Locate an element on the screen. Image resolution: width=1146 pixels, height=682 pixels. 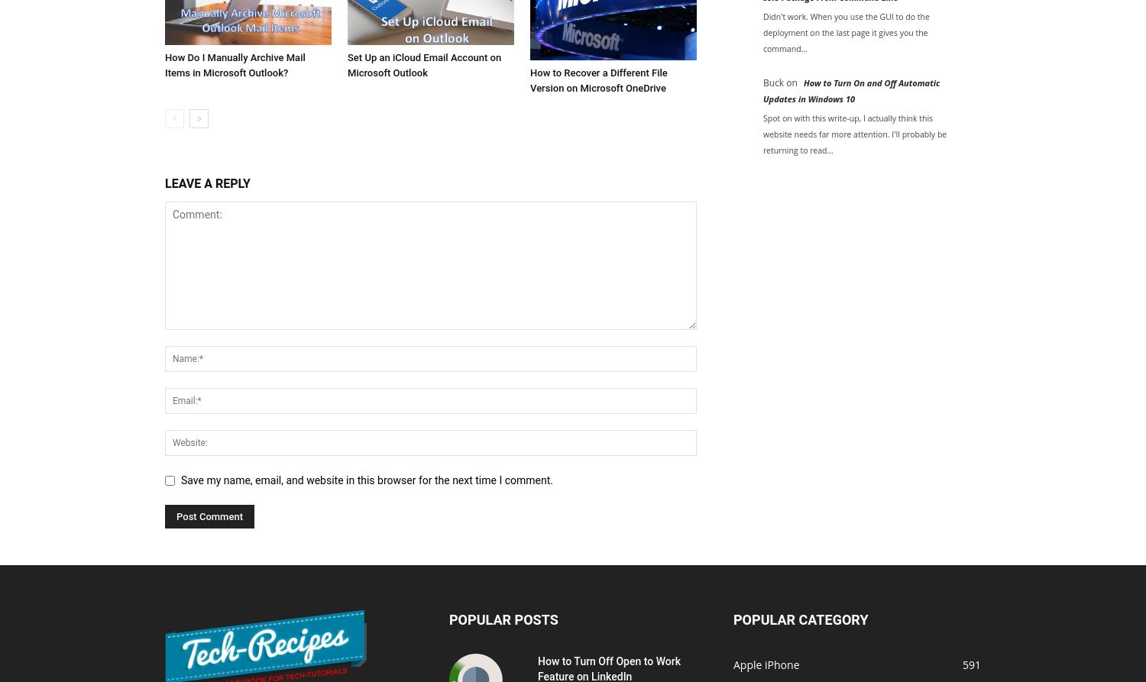
'LEAVE A REPLY' is located at coordinates (207, 182).